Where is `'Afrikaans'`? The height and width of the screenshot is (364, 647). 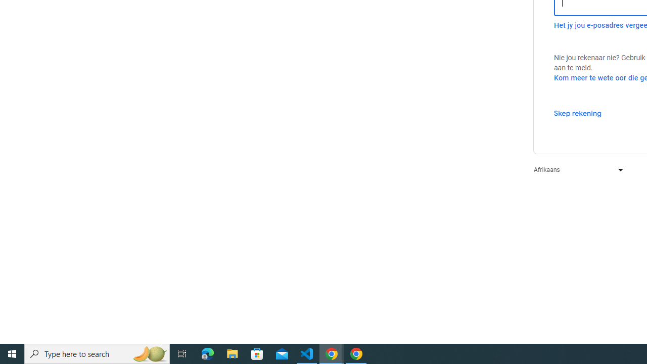 'Afrikaans' is located at coordinates (576, 169).